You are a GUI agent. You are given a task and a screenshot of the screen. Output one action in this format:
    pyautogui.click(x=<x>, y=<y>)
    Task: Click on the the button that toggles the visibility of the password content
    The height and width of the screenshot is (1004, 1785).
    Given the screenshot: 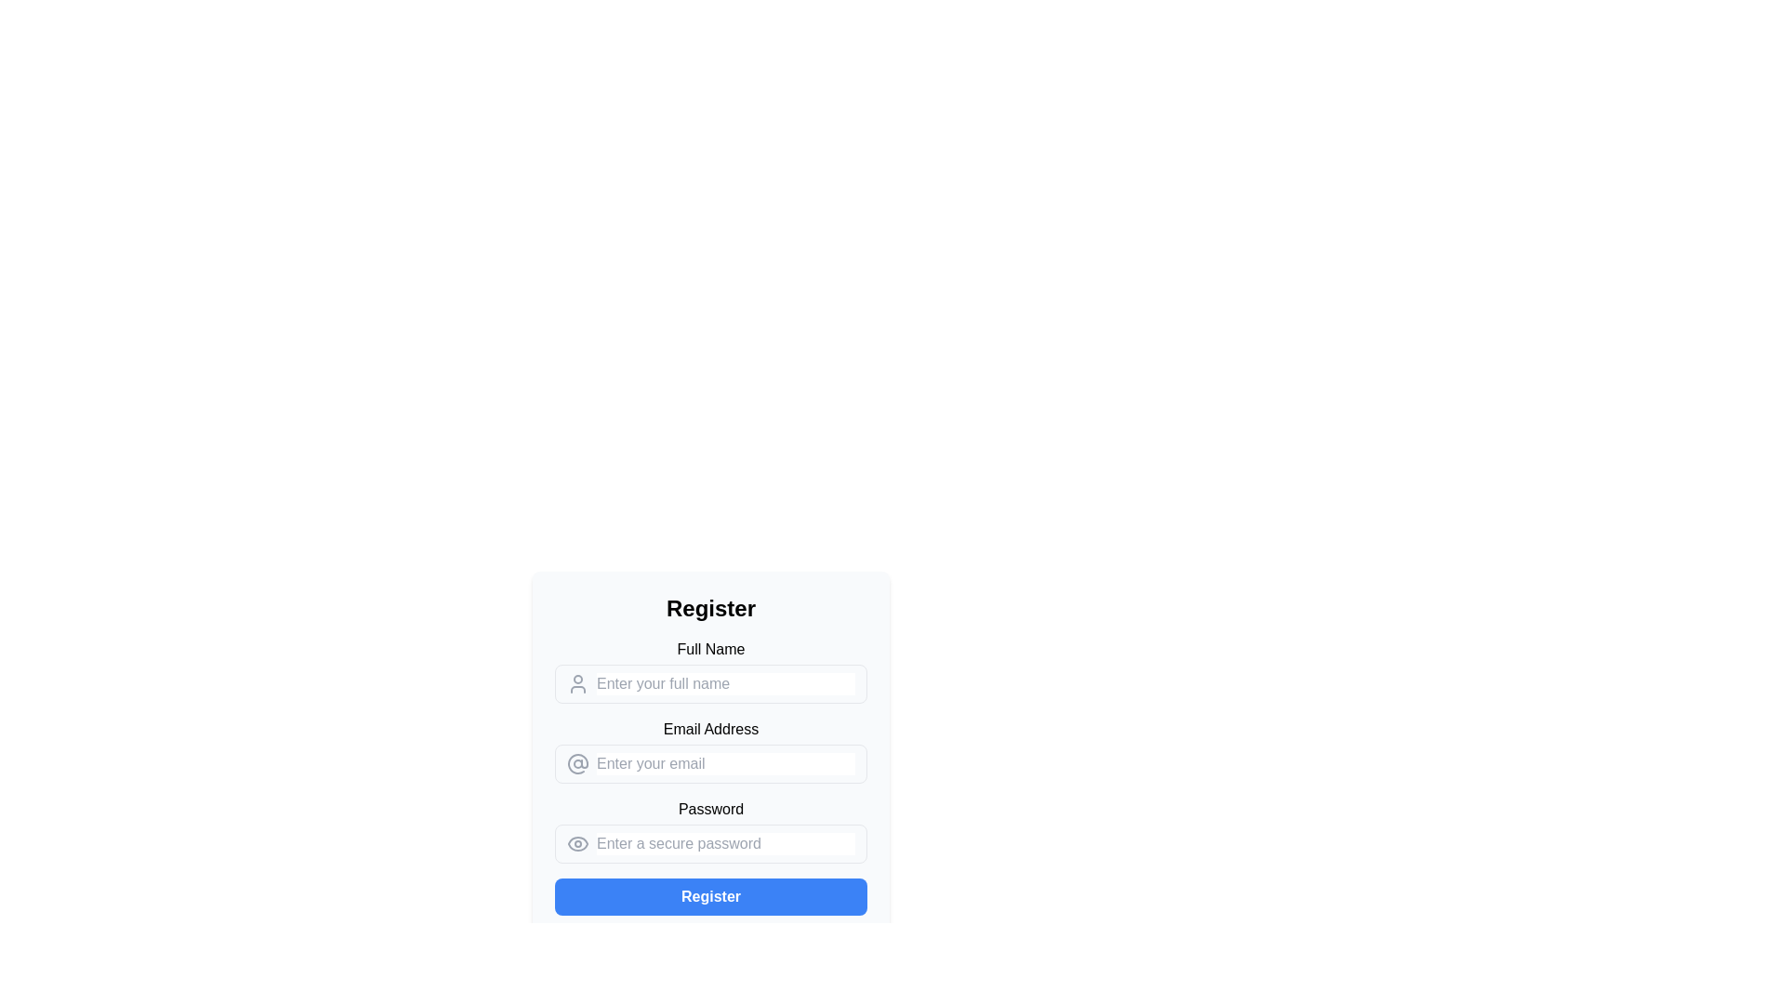 What is the action you would take?
    pyautogui.click(x=577, y=843)
    